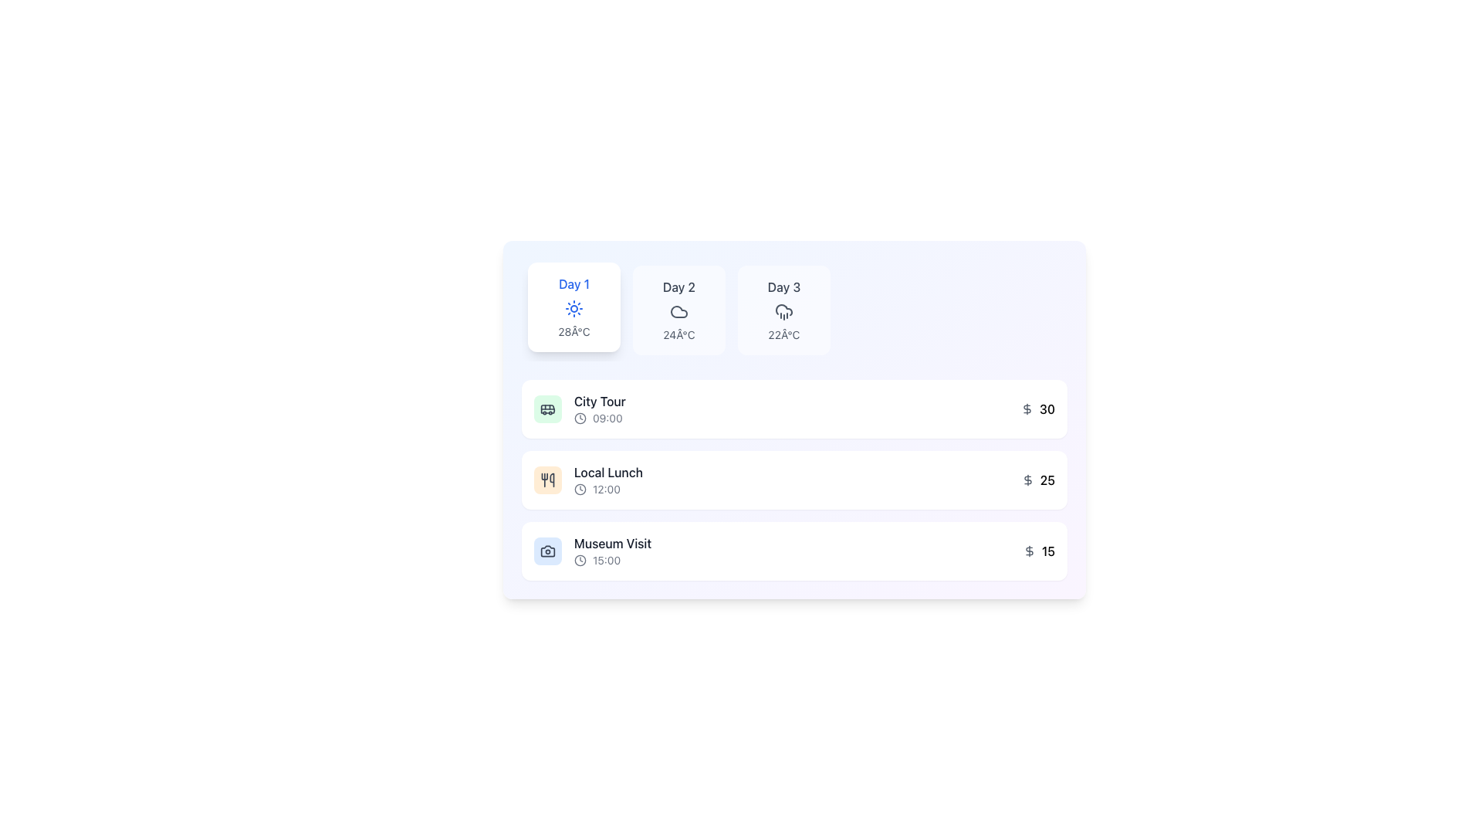 The image size is (1482, 834). What do you see at coordinates (599, 401) in the screenshot?
I see `the 'City Tour' text label in the first row of the activity list under the 'Day 1' section, which provides the title for the activity` at bounding box center [599, 401].